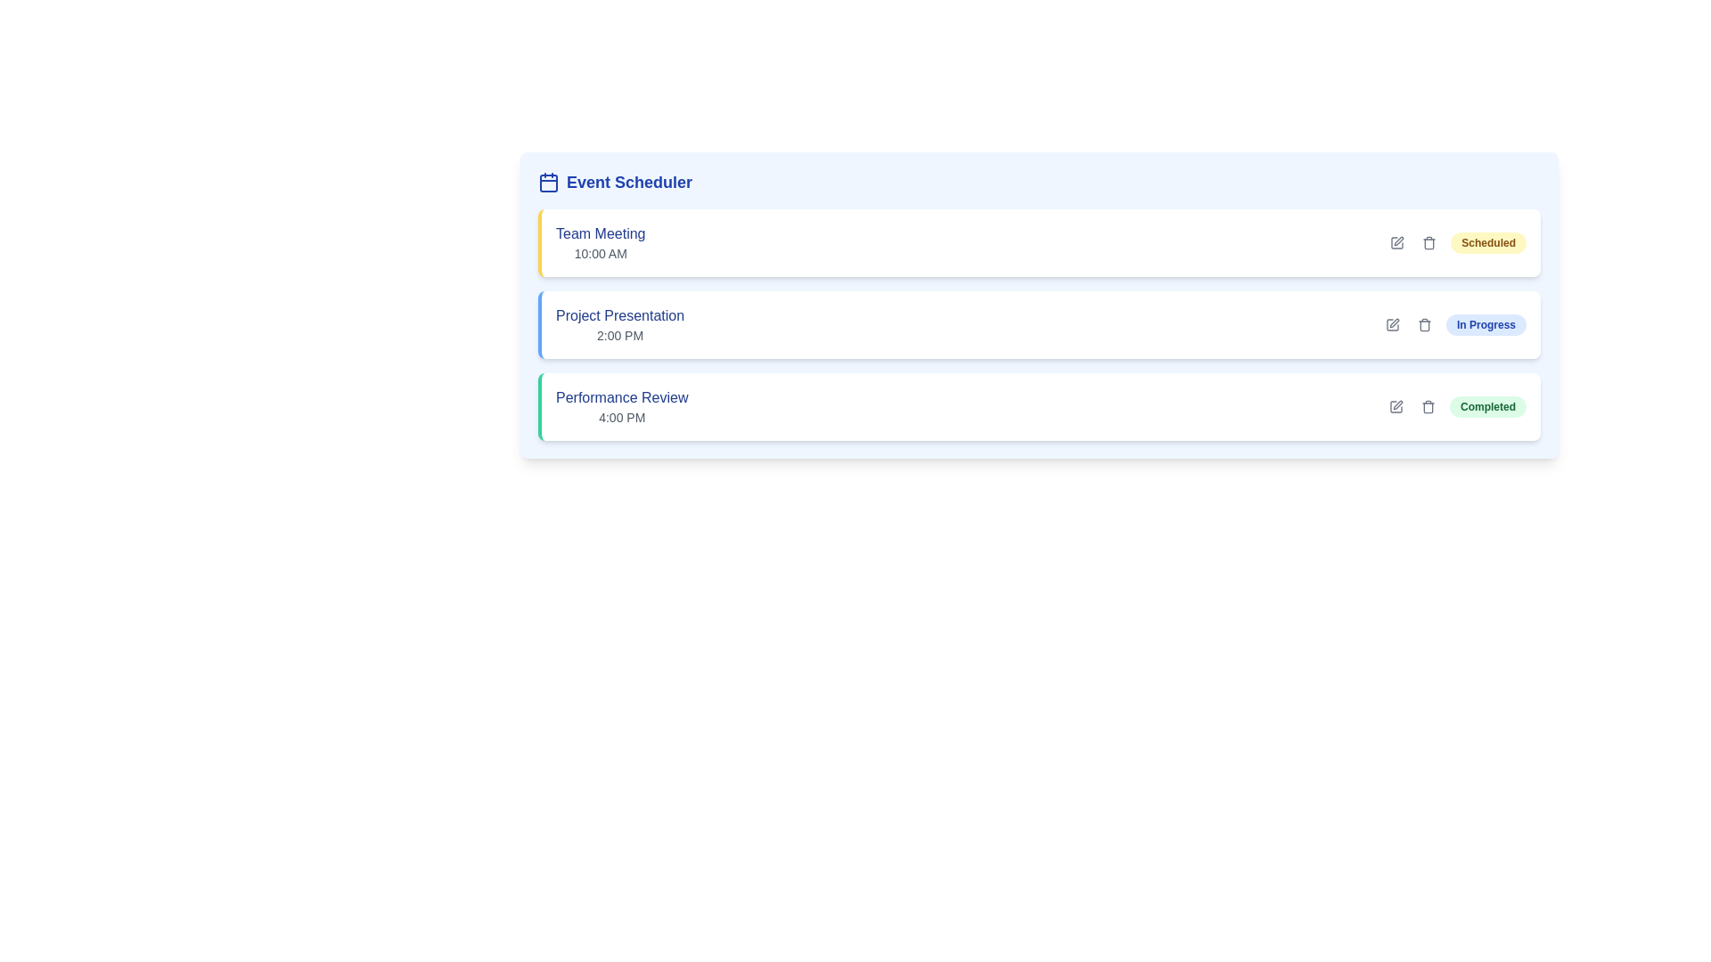  I want to click on the edit button located to the left of the 'Completed' text in the 'Event Scheduler' list, so click(1395, 406).